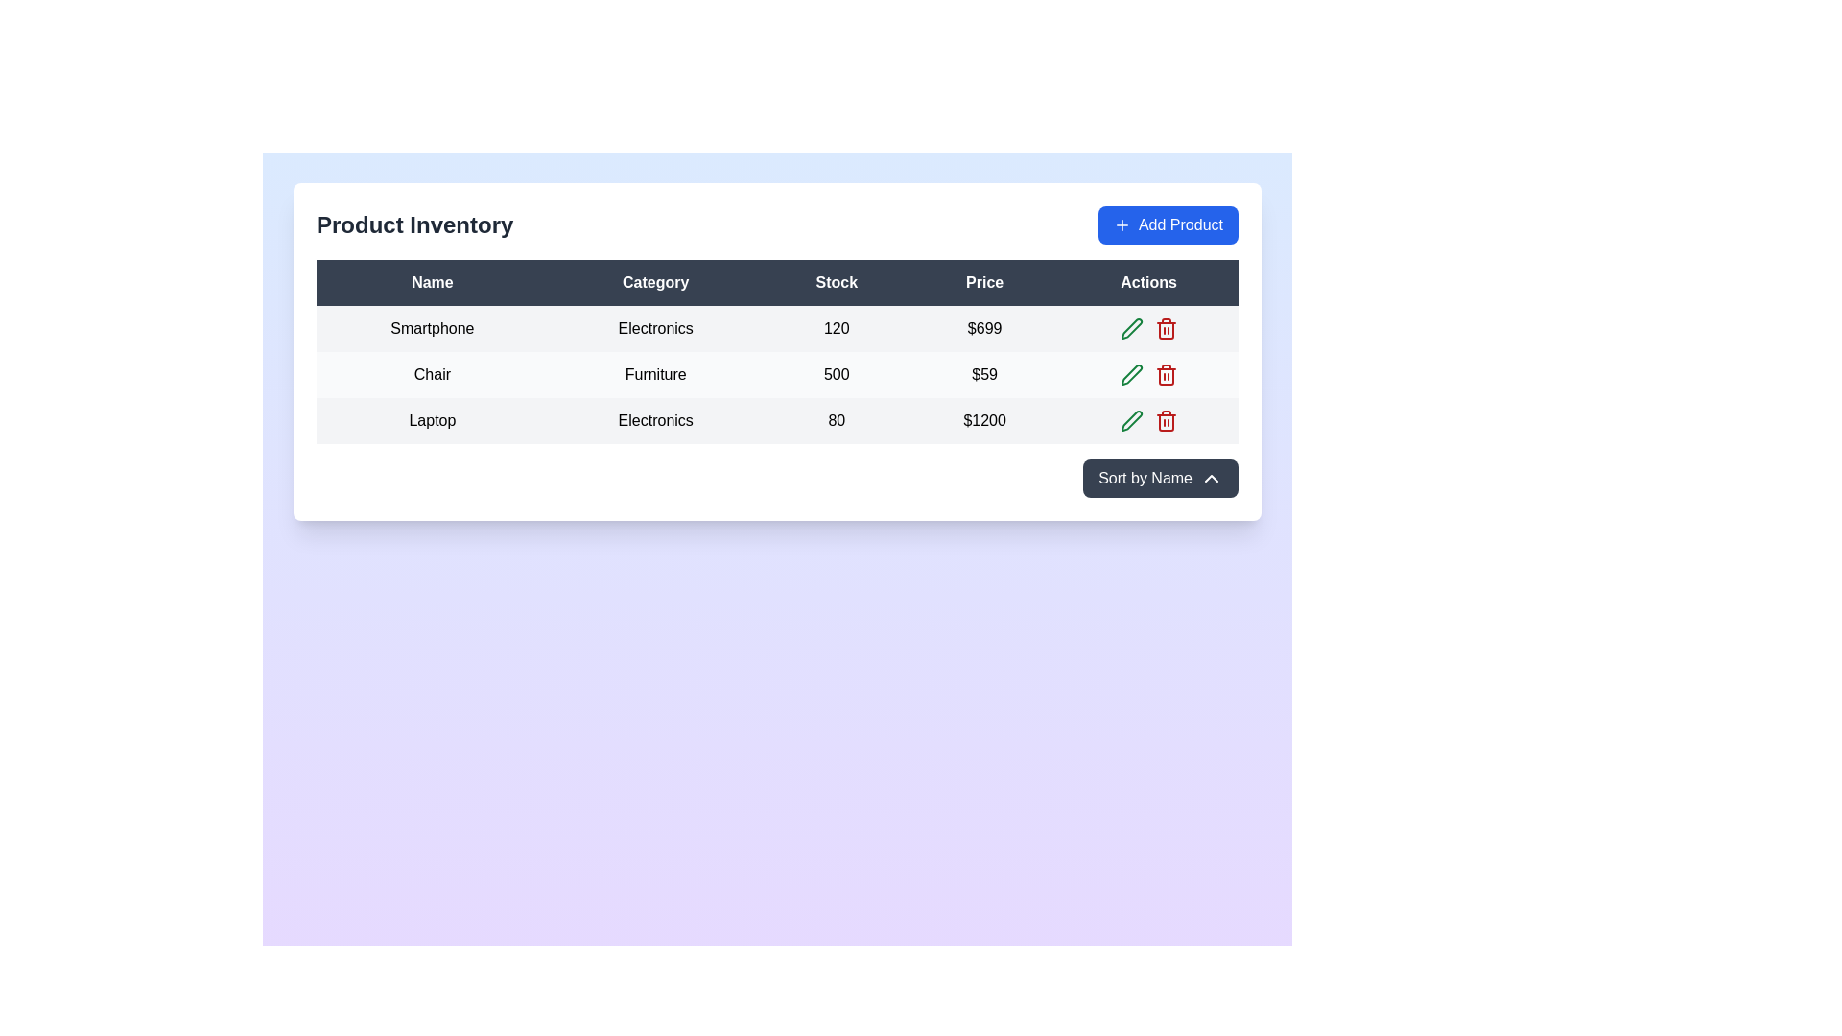 This screenshot has height=1036, width=1842. What do you see at coordinates (837, 420) in the screenshot?
I see `the table cell that displays the number '80' in bold black font, located in the third row and third column of the table associated with 'Laptop'` at bounding box center [837, 420].